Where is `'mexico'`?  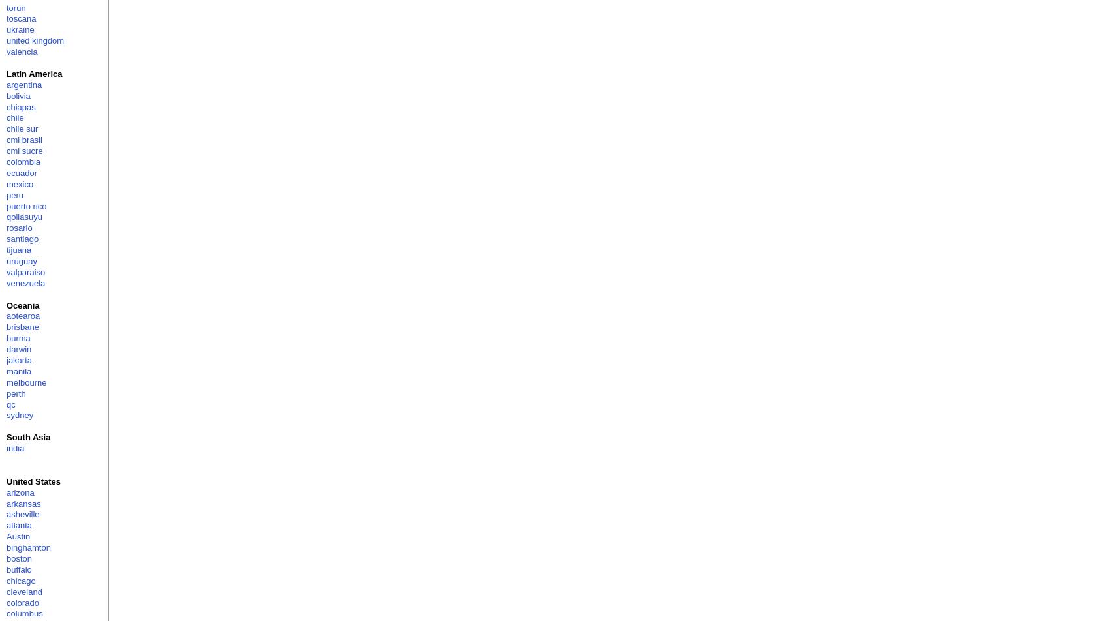
'mexico' is located at coordinates (19, 183).